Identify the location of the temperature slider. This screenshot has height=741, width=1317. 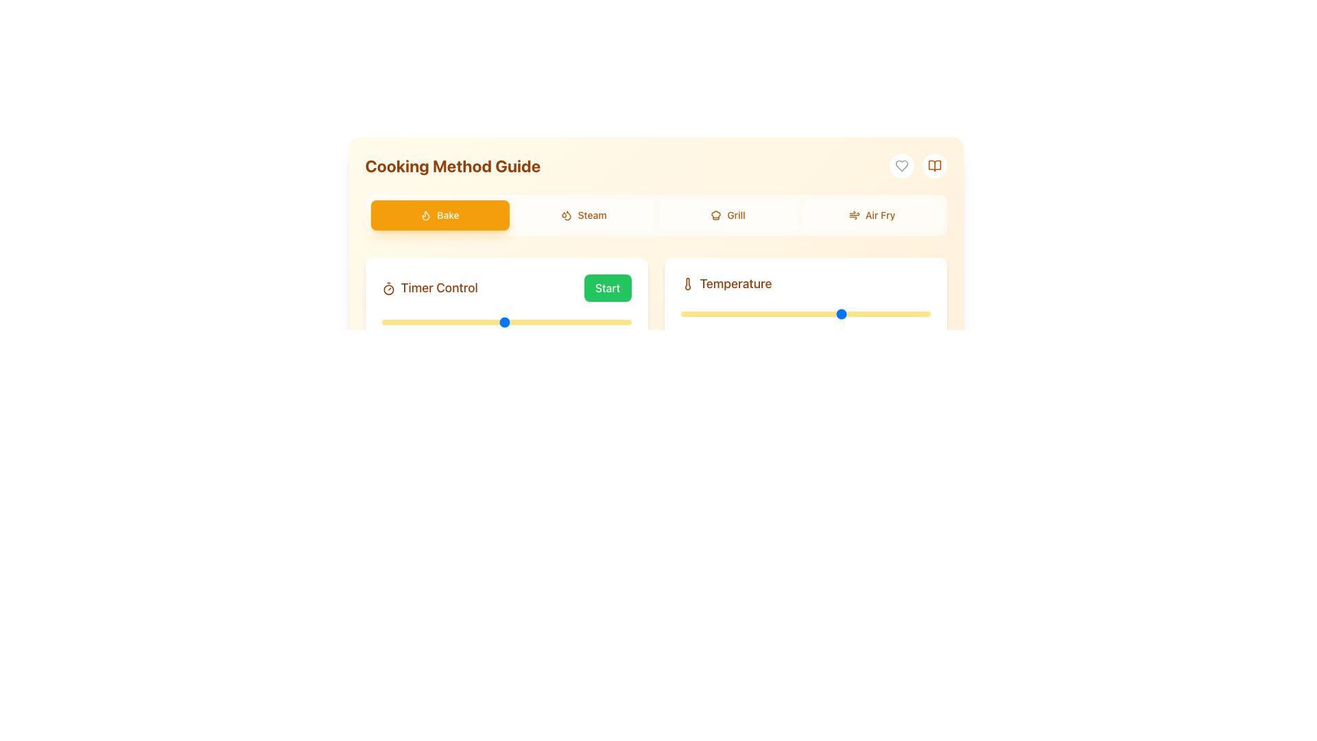
(903, 314).